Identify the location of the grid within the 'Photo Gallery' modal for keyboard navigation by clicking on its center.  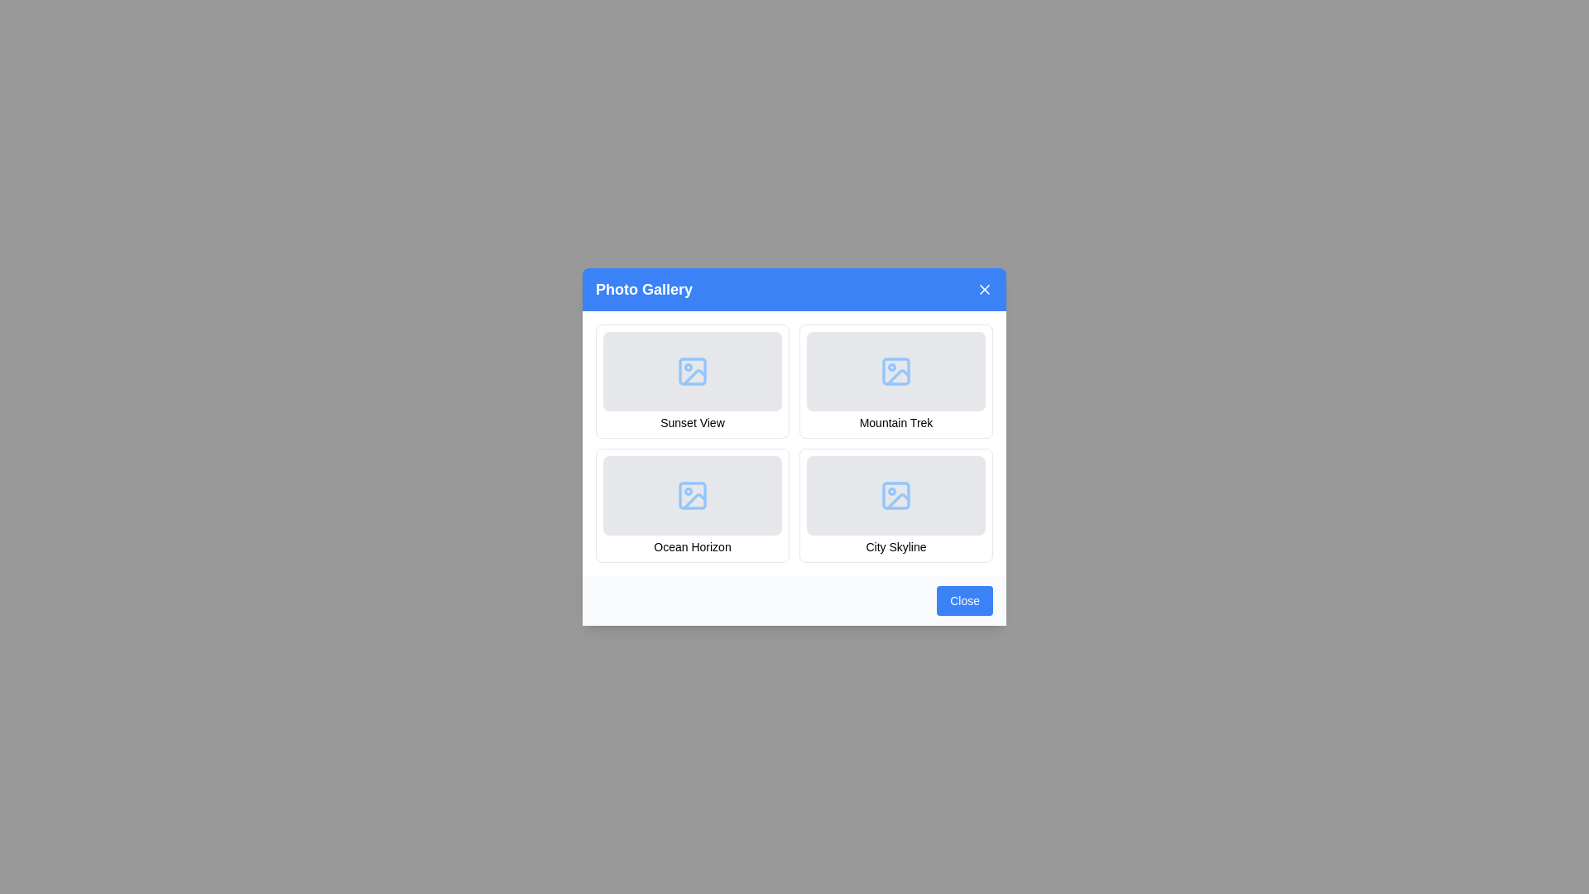
(794, 443).